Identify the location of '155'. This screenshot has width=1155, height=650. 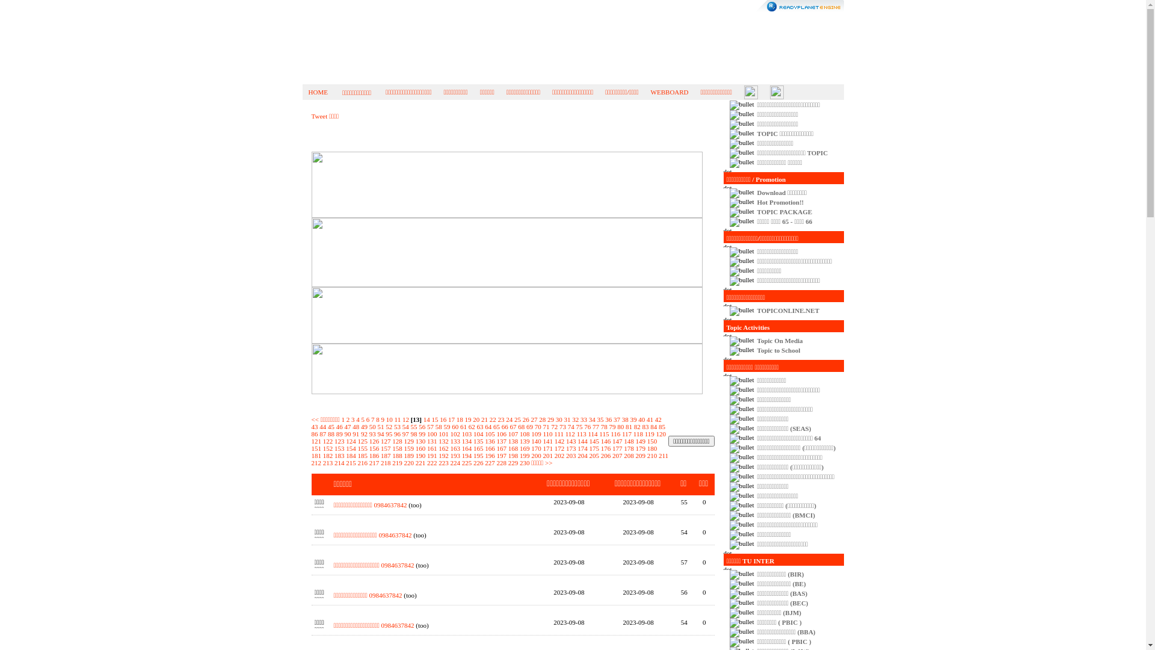
(362, 448).